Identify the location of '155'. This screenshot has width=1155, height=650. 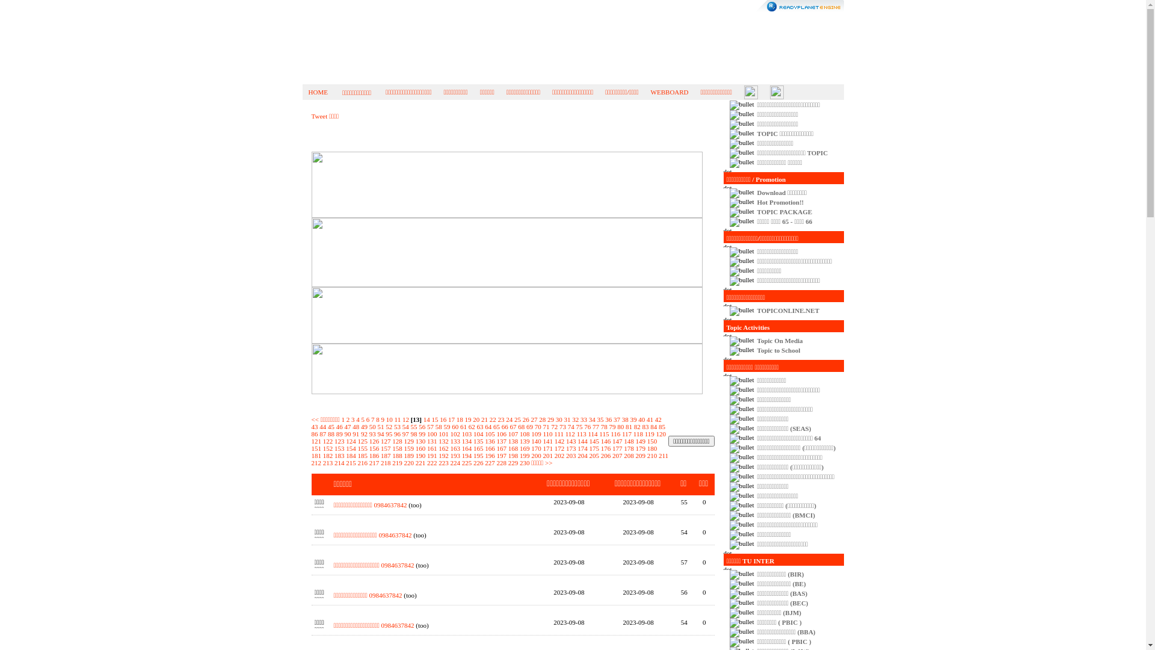
(362, 448).